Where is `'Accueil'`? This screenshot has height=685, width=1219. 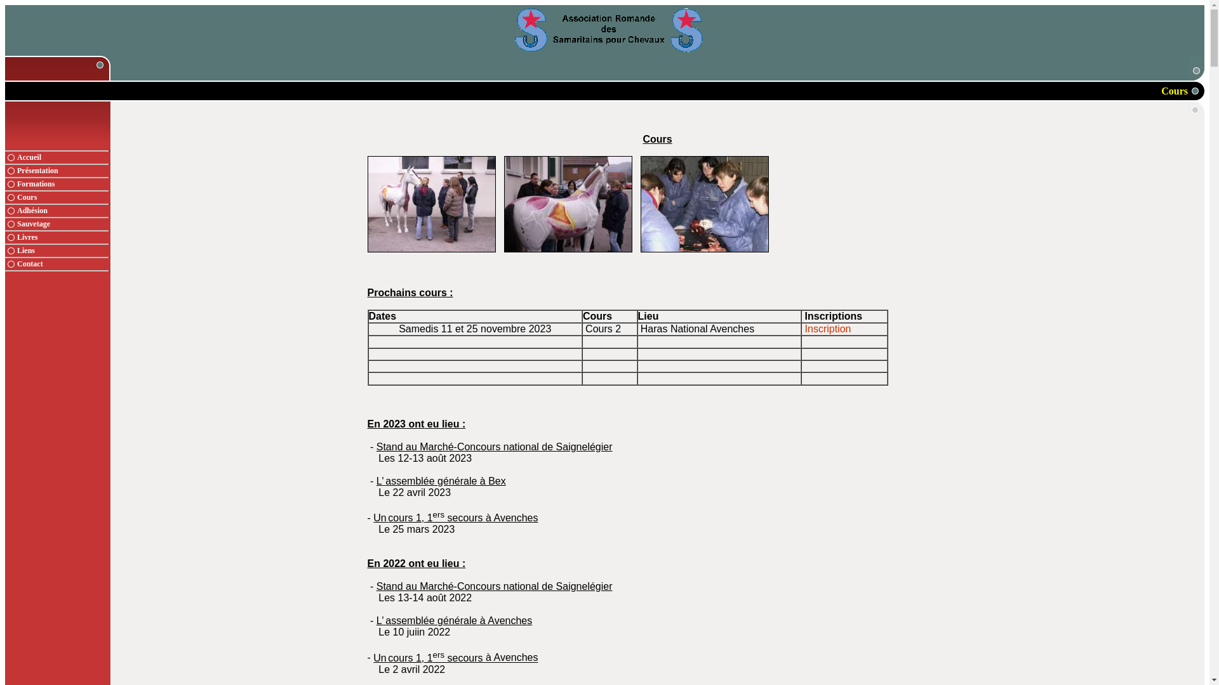 'Accueil' is located at coordinates (62, 157).